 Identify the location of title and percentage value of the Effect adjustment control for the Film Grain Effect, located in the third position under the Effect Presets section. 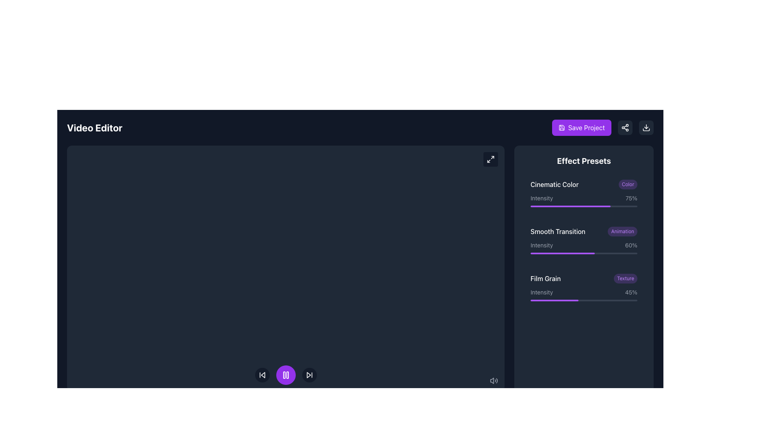
(583, 287).